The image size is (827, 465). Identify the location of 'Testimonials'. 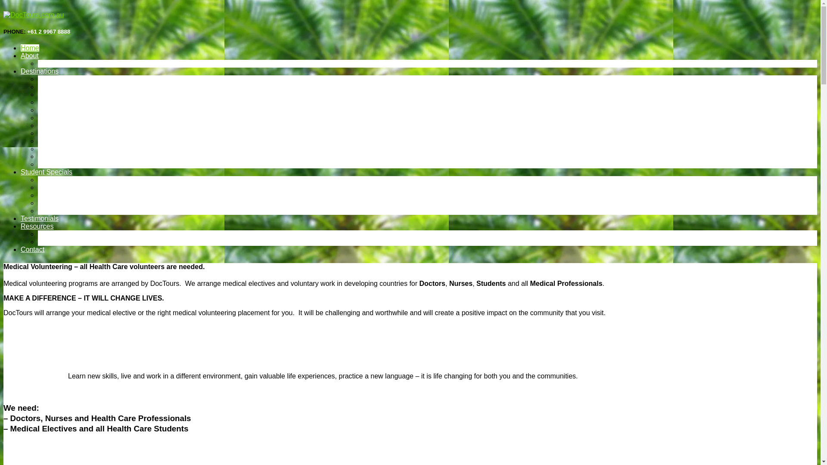
(39, 218).